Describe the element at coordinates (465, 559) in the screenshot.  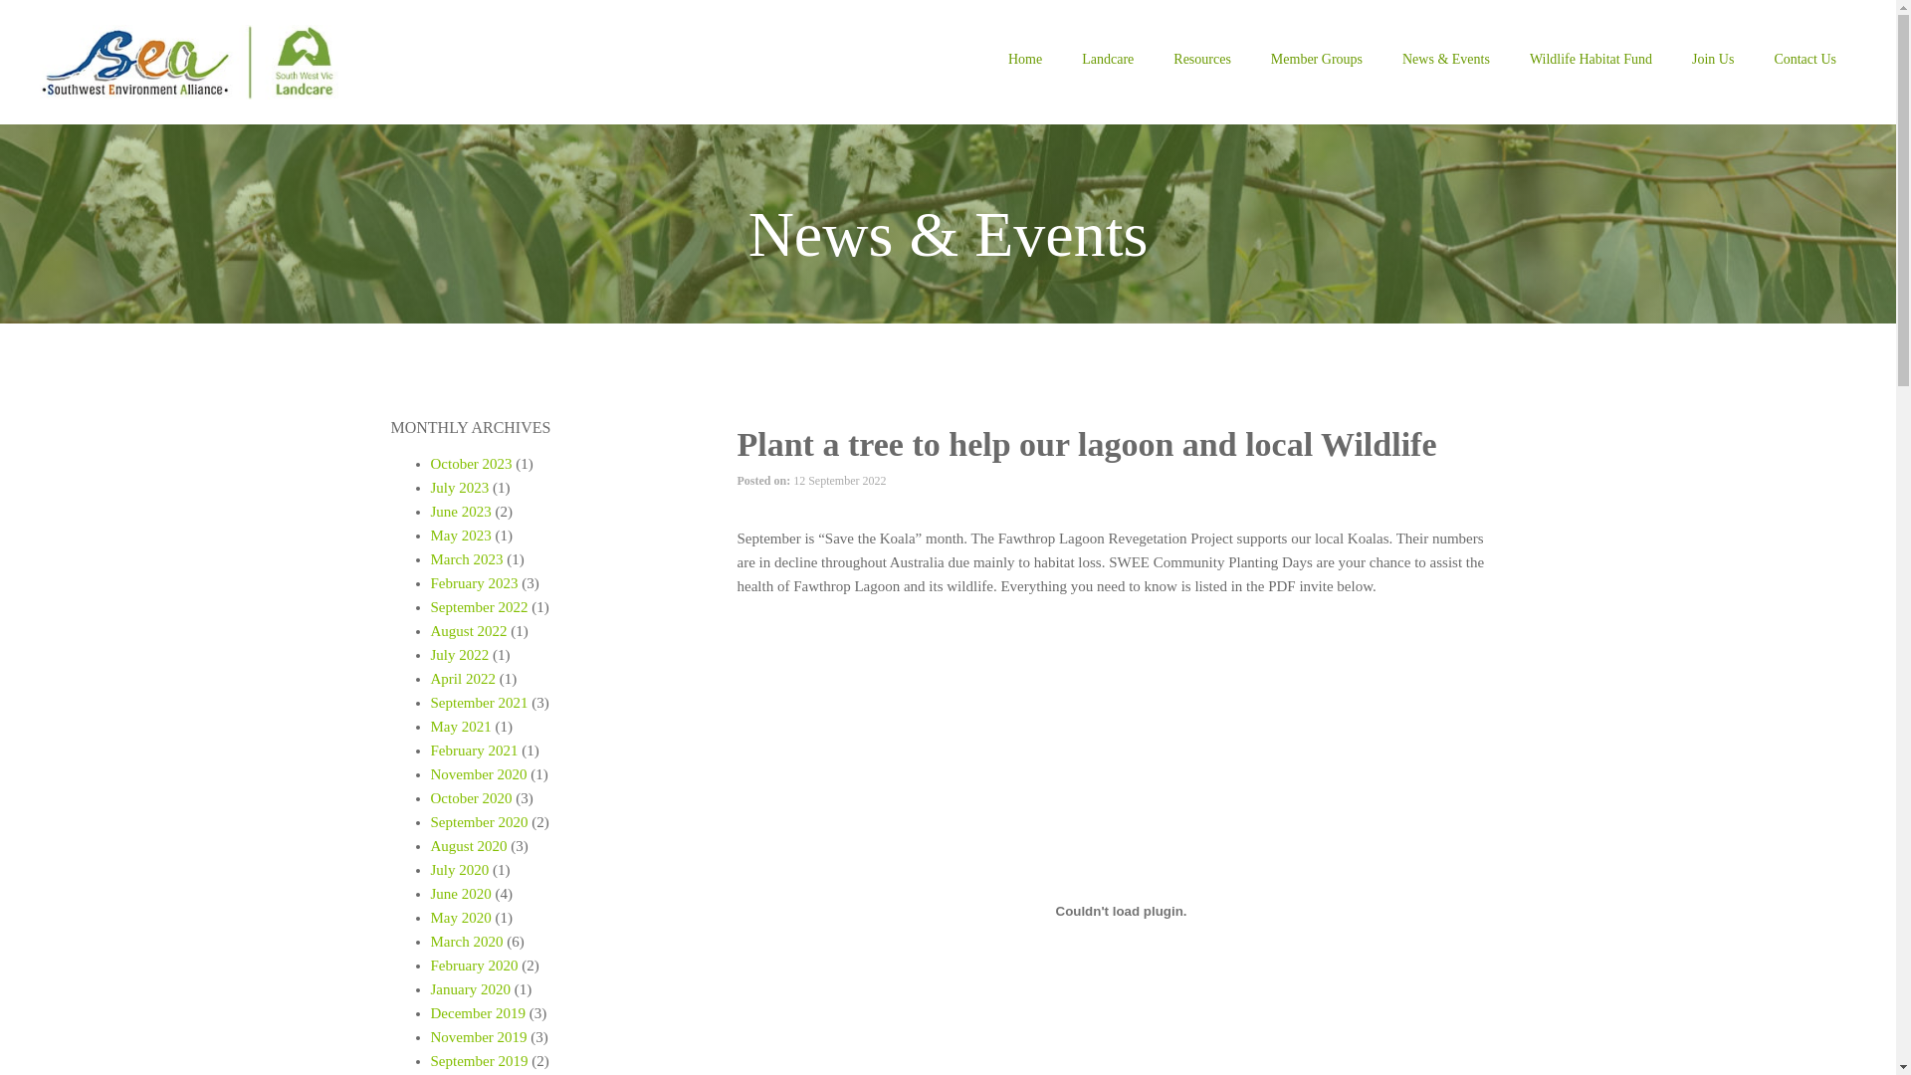
I see `'March 2023'` at that location.